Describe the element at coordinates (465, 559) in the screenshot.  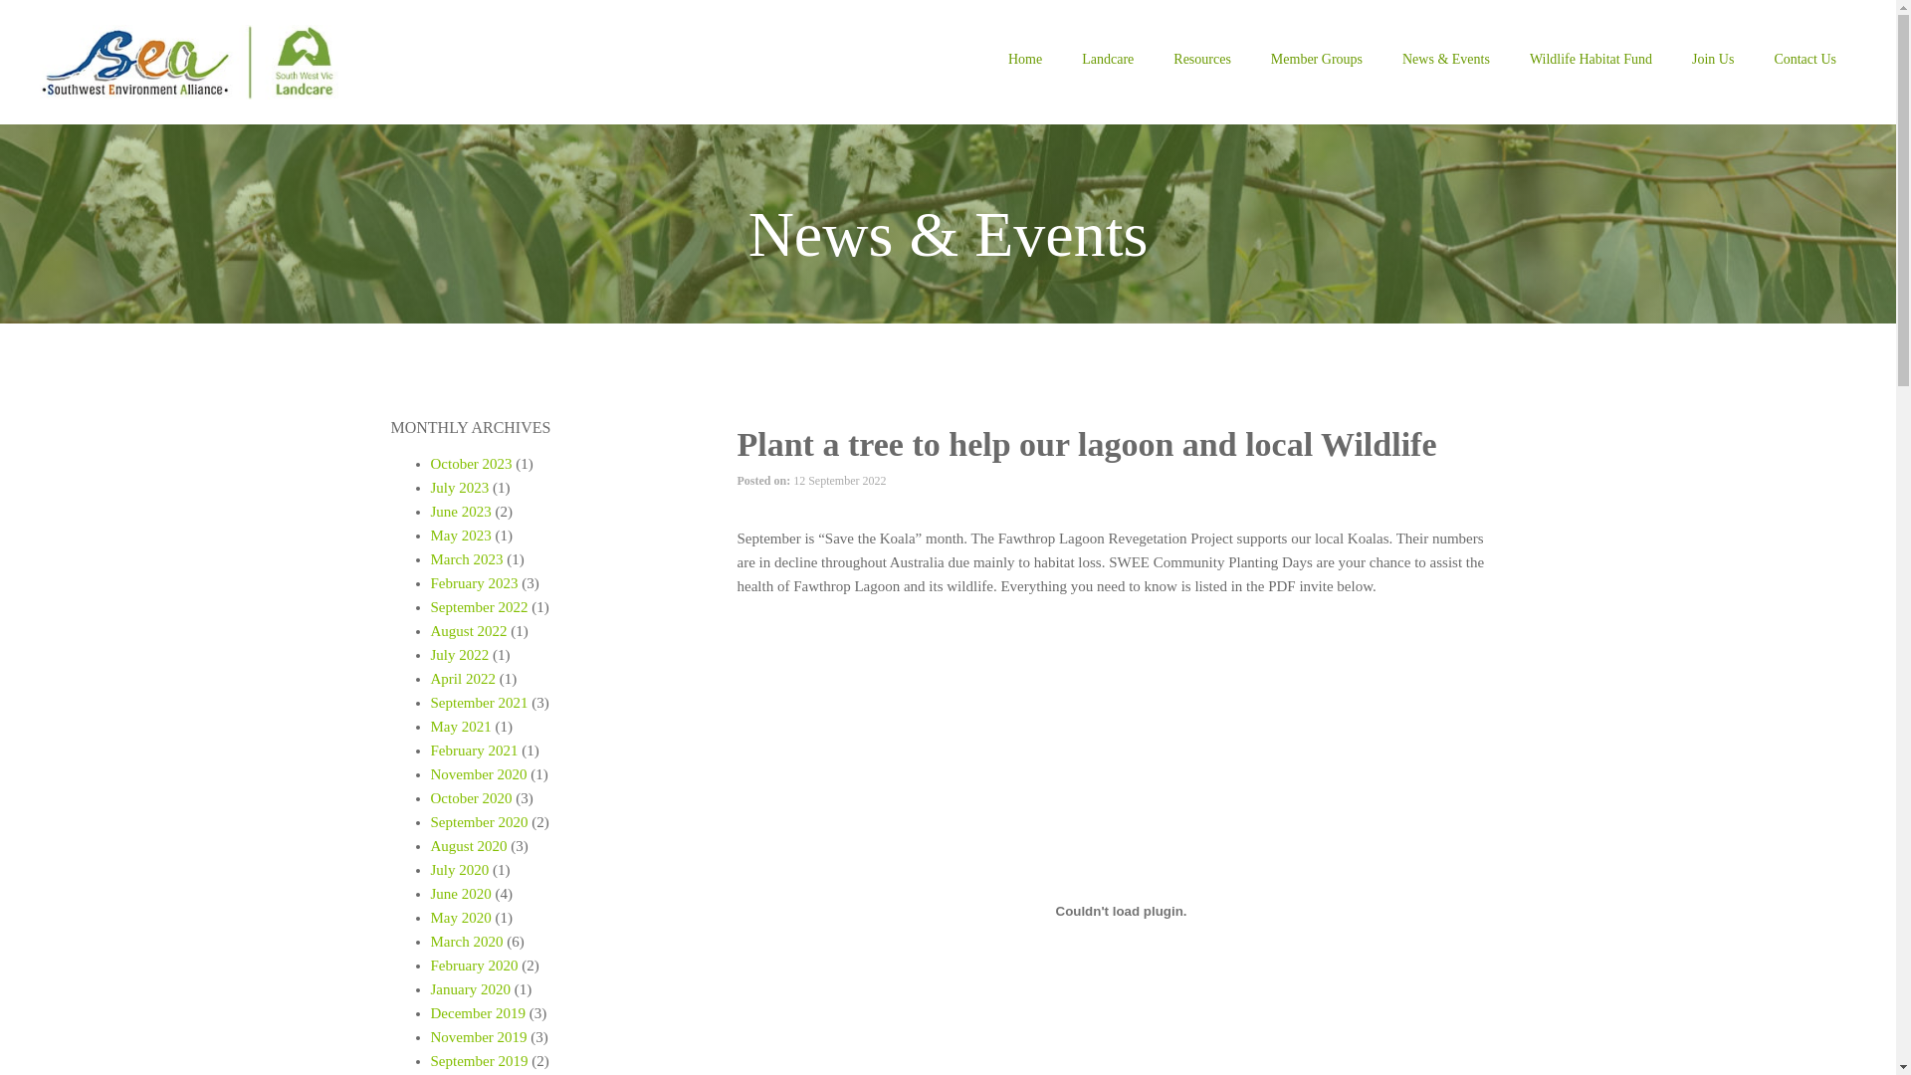
I see `'March 2023'` at that location.